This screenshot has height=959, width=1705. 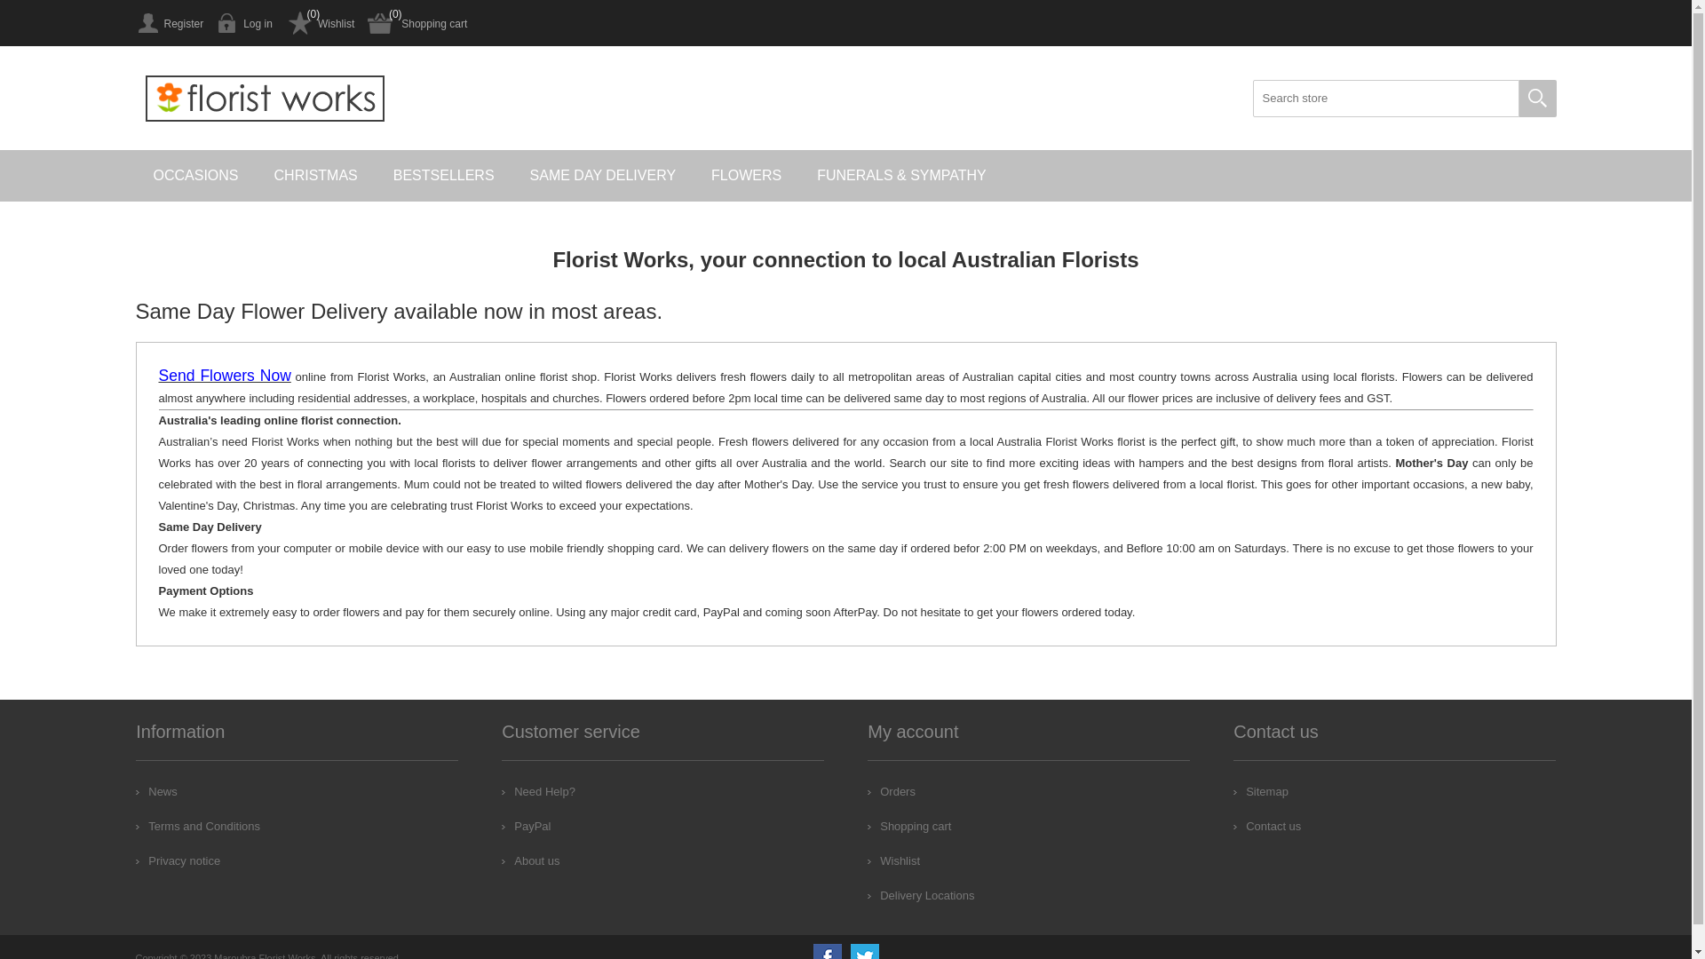 What do you see at coordinates (156, 790) in the screenshot?
I see `'News'` at bounding box center [156, 790].